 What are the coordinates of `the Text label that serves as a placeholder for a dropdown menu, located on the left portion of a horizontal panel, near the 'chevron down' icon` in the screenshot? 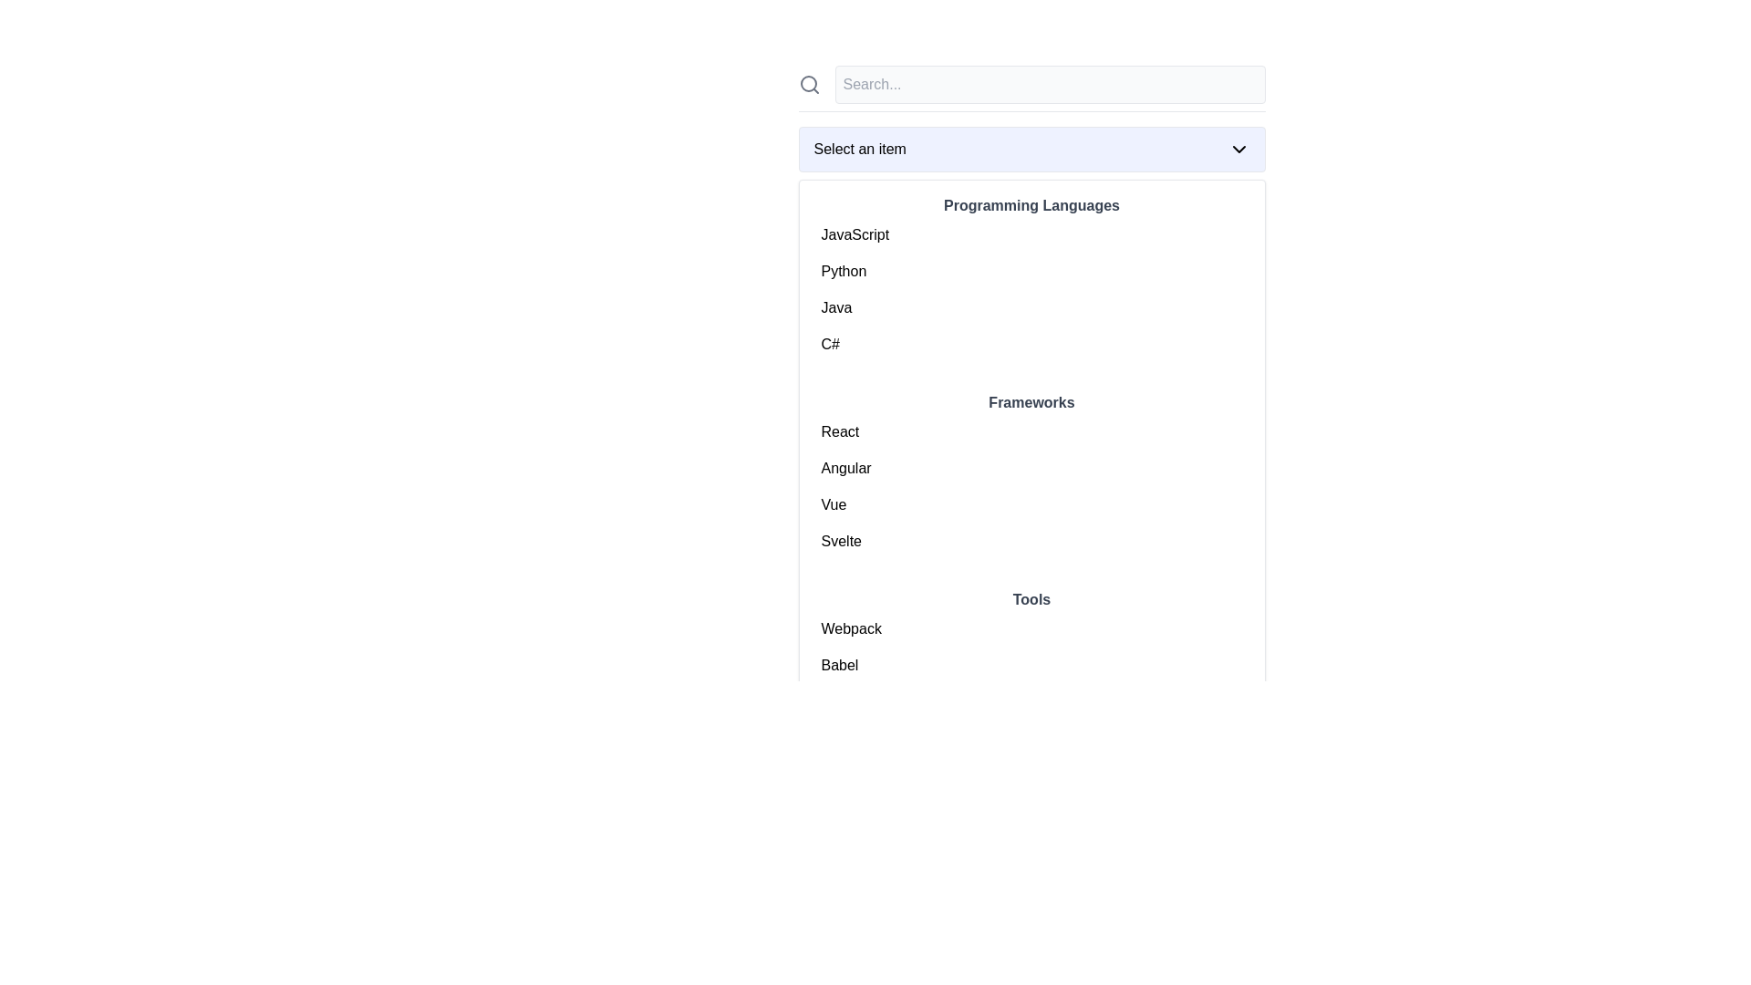 It's located at (859, 149).